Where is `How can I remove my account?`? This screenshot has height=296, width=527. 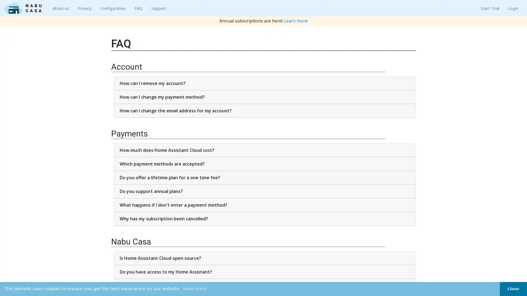
How can I remove my account? is located at coordinates (265, 83).